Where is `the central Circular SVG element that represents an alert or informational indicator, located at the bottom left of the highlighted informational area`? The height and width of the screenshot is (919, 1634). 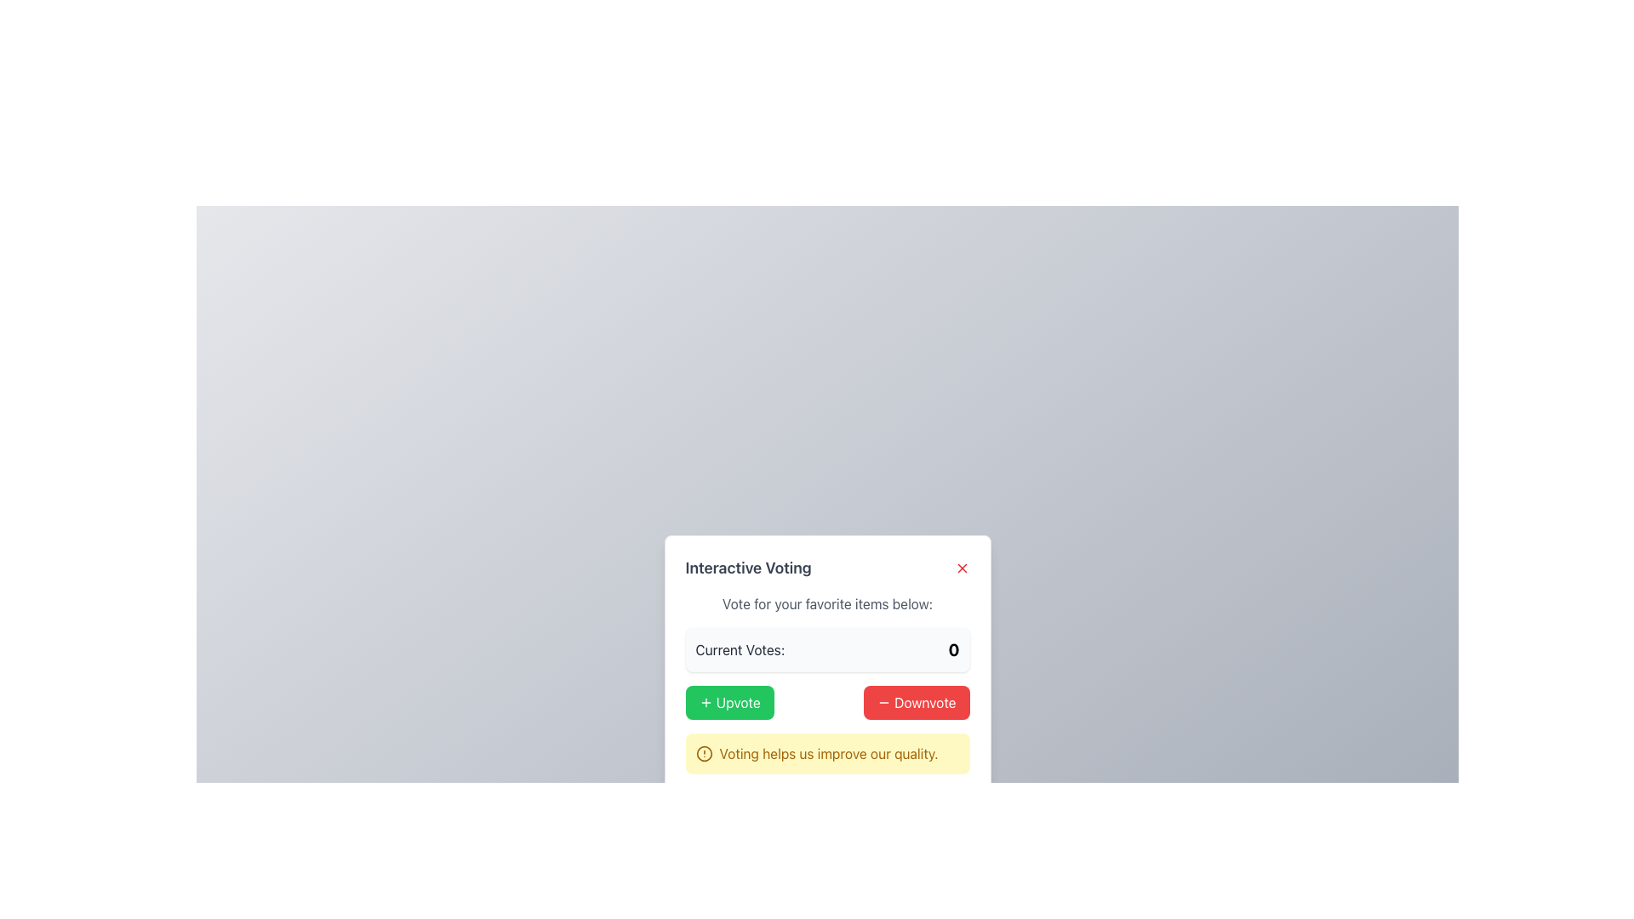
the central Circular SVG element that represents an alert or informational indicator, located at the bottom left of the highlighted informational area is located at coordinates (704, 753).